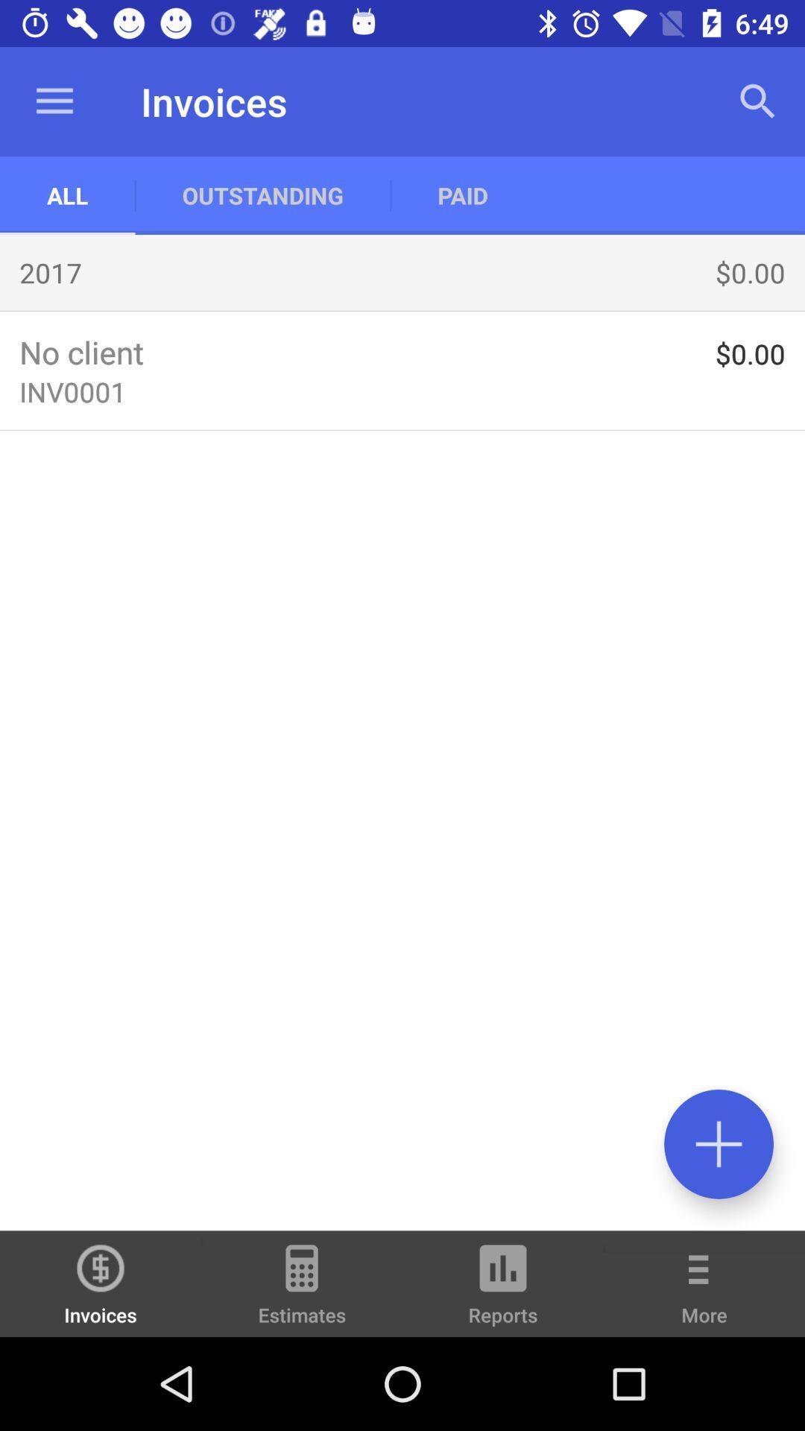 The width and height of the screenshot is (805, 1431). Describe the element at coordinates (54, 101) in the screenshot. I see `the icon above the all icon` at that location.